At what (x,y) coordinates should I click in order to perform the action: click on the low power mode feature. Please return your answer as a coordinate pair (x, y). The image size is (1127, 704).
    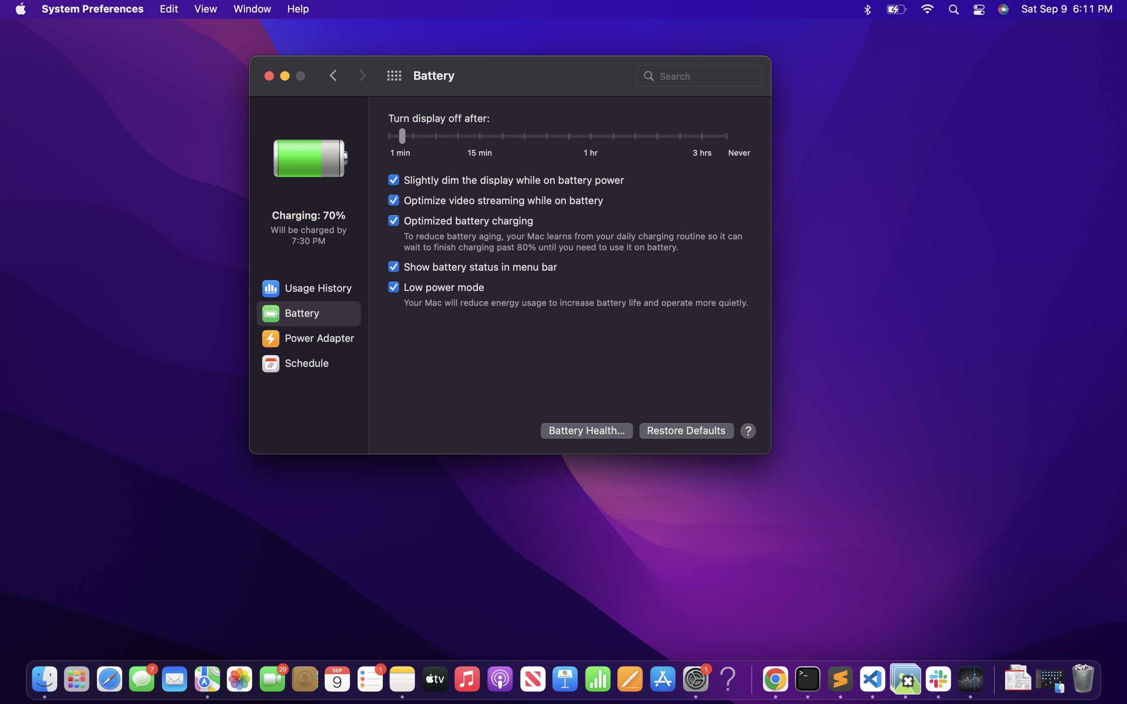
    Looking at the image, I should click on (436, 286).